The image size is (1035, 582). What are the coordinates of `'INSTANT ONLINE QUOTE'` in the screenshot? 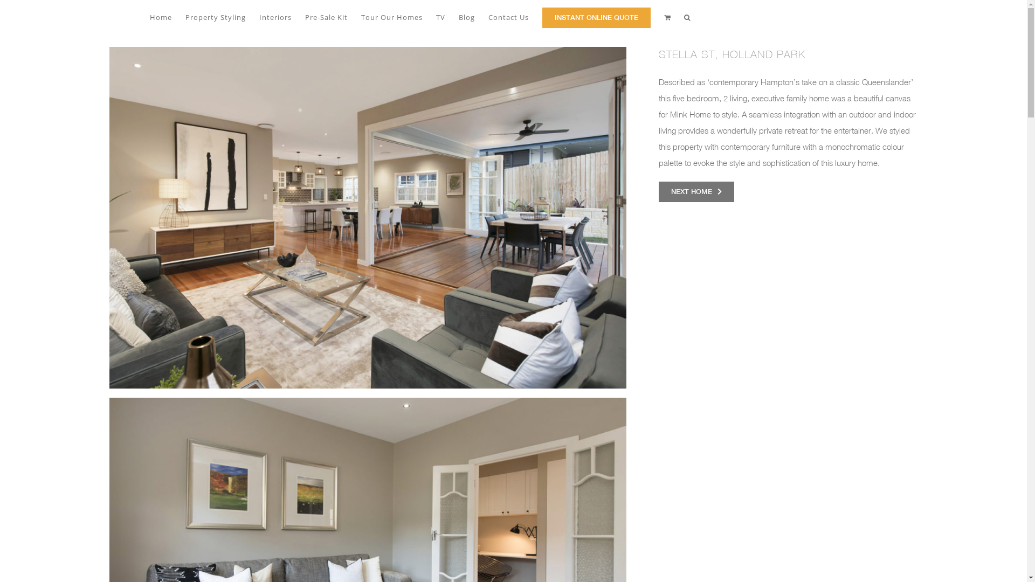 It's located at (596, 16).